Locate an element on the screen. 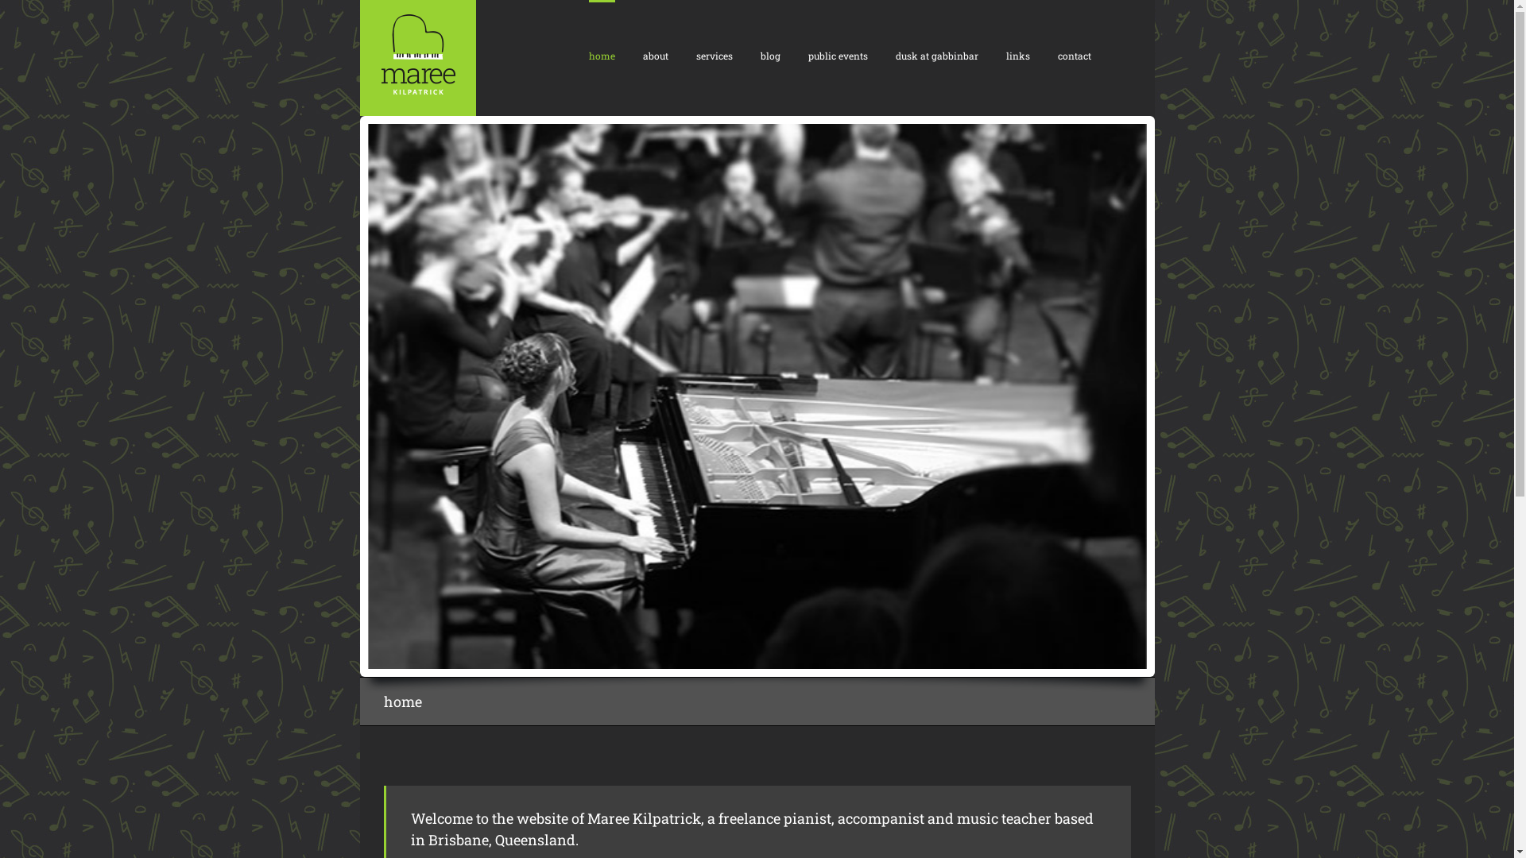 This screenshot has width=1526, height=858. 'contact' is located at coordinates (1073, 54).